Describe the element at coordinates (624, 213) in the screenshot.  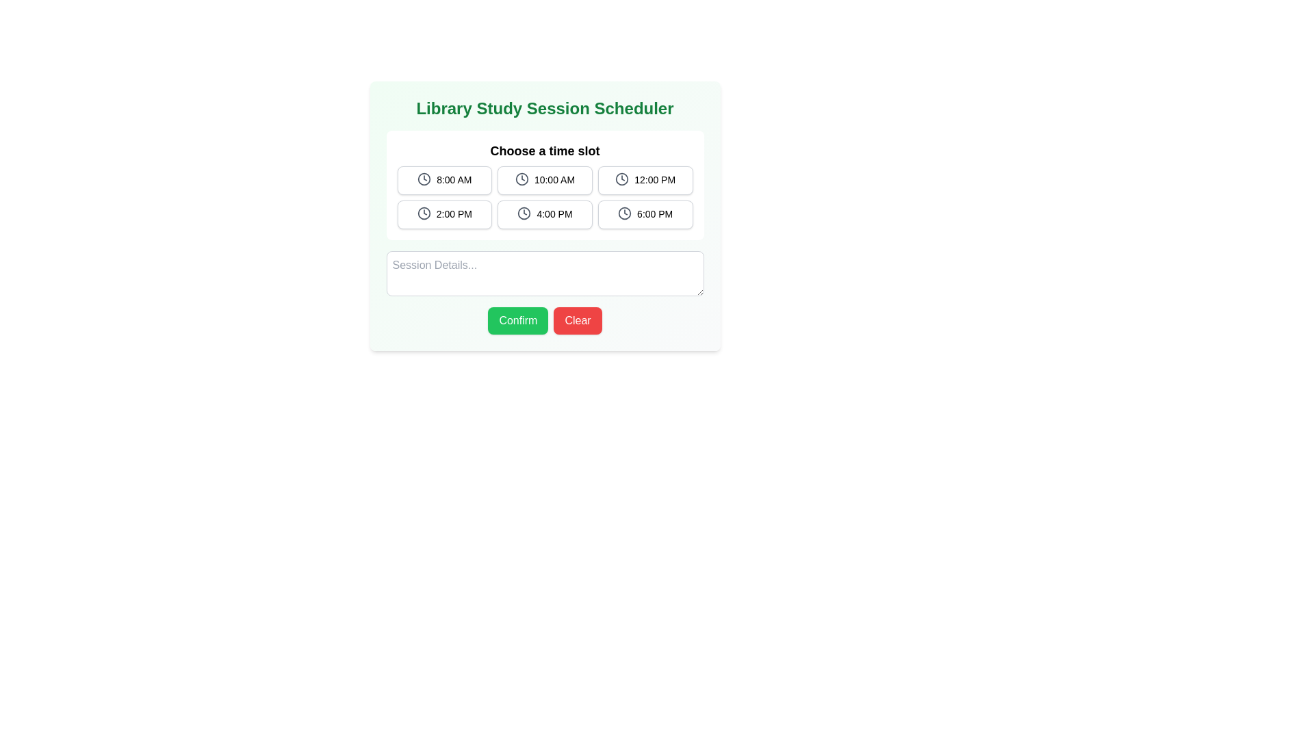
I see `the clock icon within the sixth clickable time slot in the 'Choose a time slot' section, which is styled with a thin border and has hands pointing towards 12 and 4` at that location.